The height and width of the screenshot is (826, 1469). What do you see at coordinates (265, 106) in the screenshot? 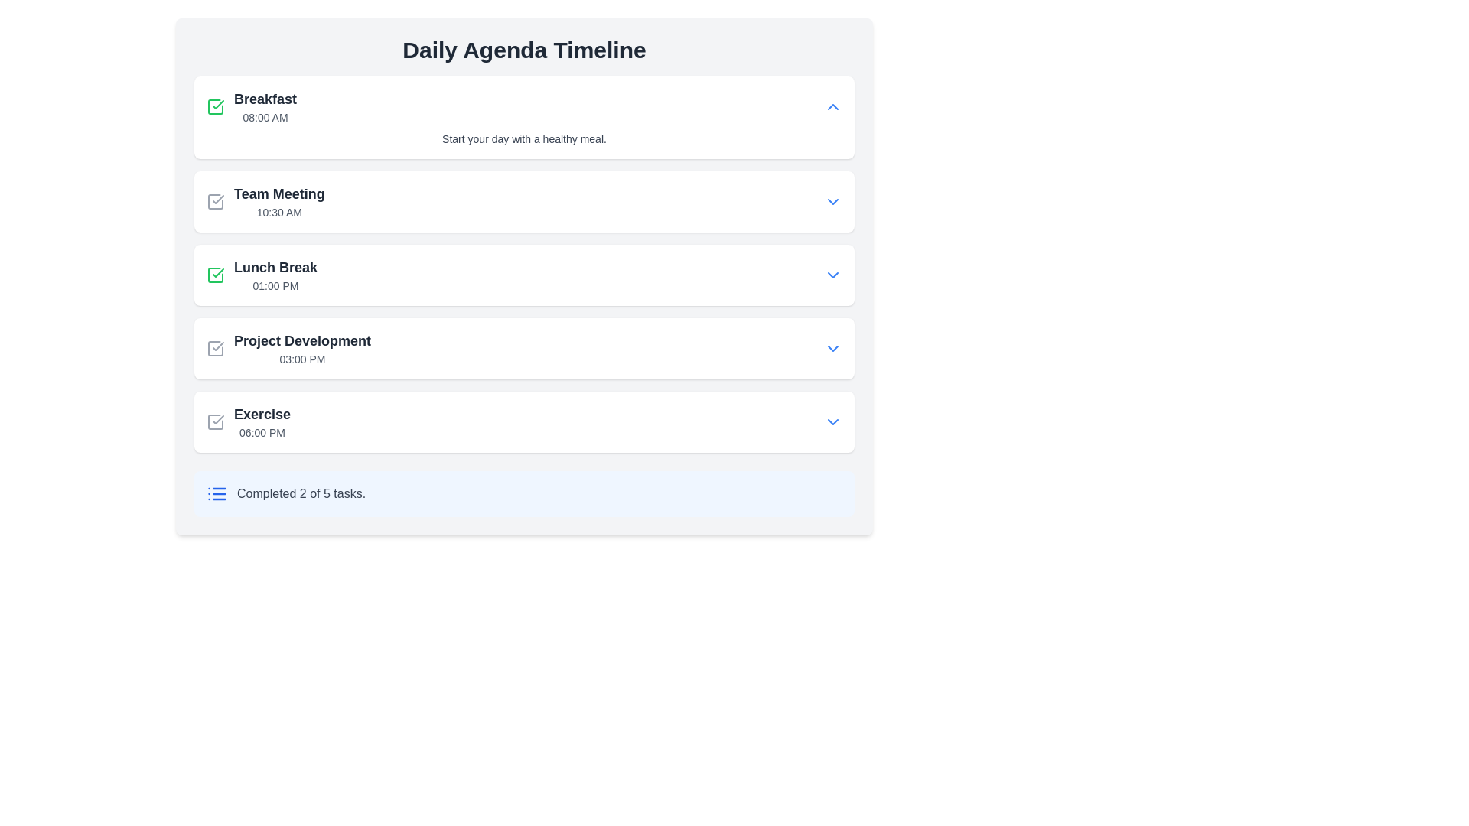
I see `the 'Breakfast' text label, which displays 'Breakfast' in a larger bold font and '08:00 AM' below it in a smaller gray font` at bounding box center [265, 106].